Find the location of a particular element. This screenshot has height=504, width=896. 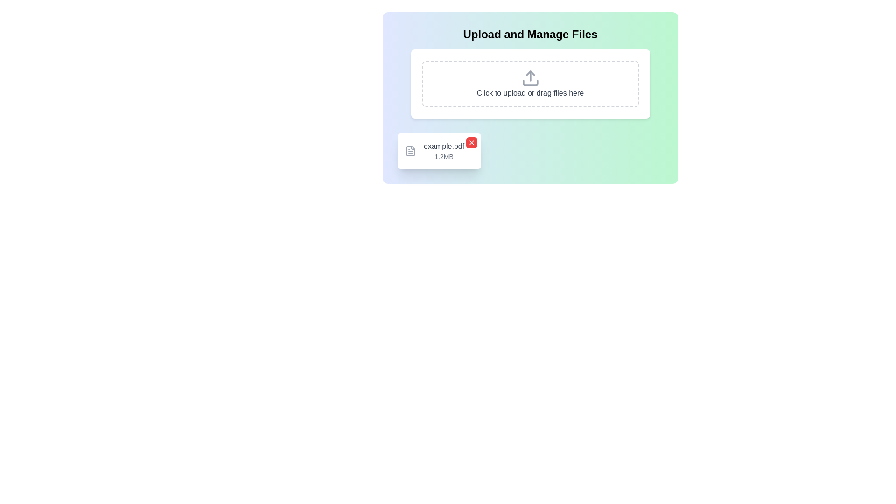

the close action icon button, which is a small red circular button with an 'X' symbol, located at the top-right of the document card is located at coordinates (472, 142).